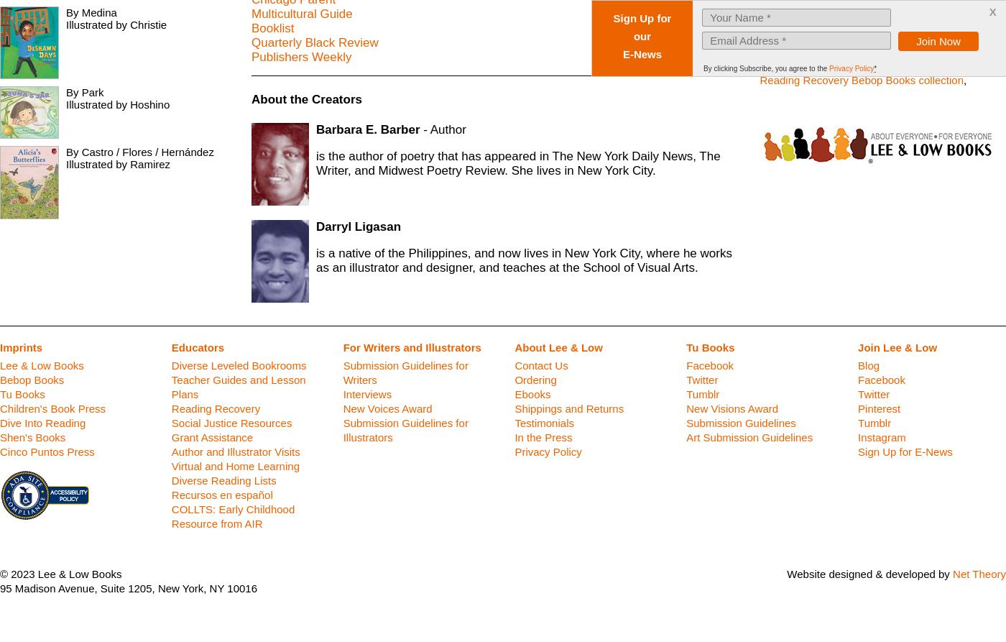 This screenshot has height=642, width=1006. I want to click on 'Submission Guidelines for Illustrators', so click(405, 430).